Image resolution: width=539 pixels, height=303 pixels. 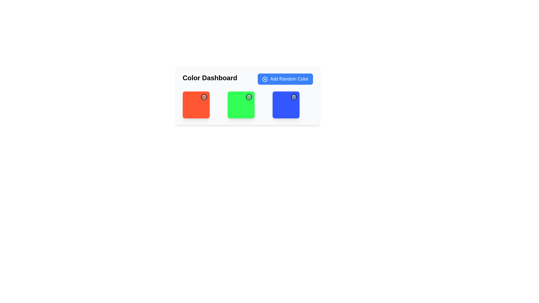 I want to click on the circular button with a white trashcan icon located at the top-right corner of the red card, so click(x=204, y=97).